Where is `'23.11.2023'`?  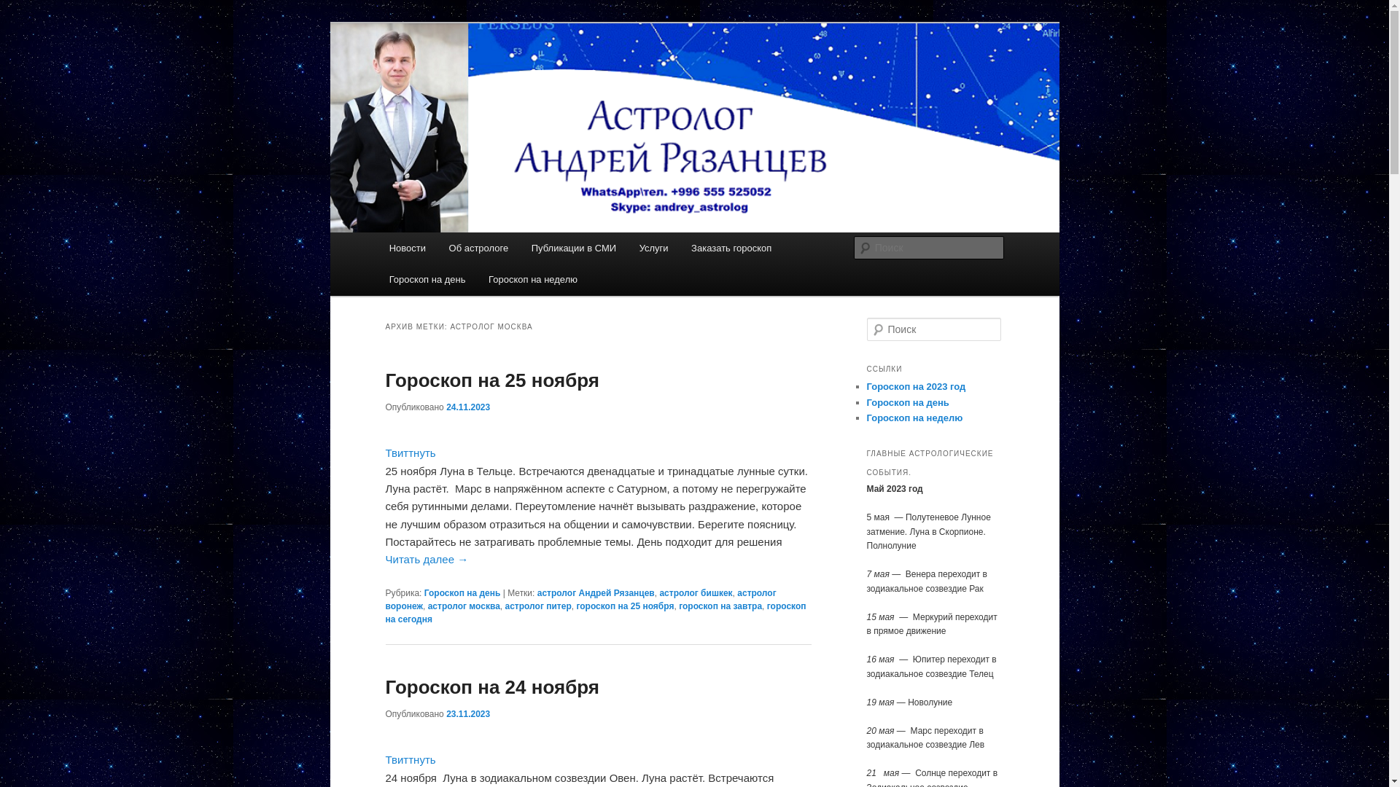
'23.11.2023' is located at coordinates (445, 713).